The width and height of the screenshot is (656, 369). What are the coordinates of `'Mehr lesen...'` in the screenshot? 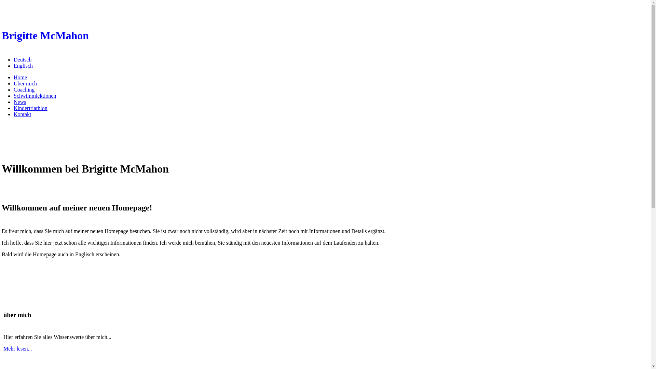 It's located at (18, 348).